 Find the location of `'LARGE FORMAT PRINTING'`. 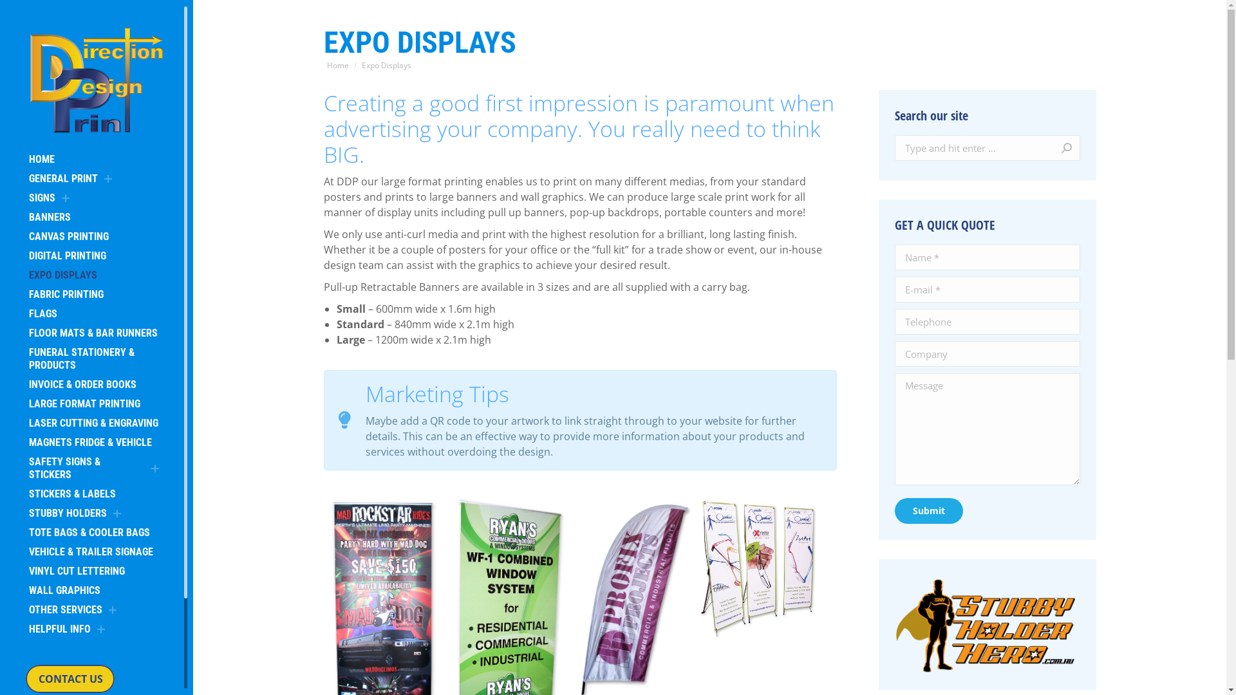

'LARGE FORMAT PRINTING' is located at coordinates (25, 403).